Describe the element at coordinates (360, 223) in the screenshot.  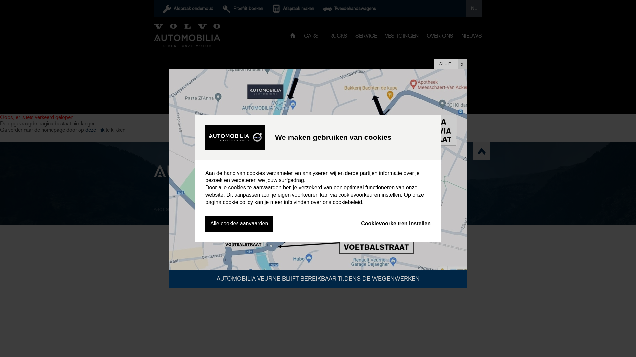
I see `'Cookievoorkeuren instellen'` at that location.